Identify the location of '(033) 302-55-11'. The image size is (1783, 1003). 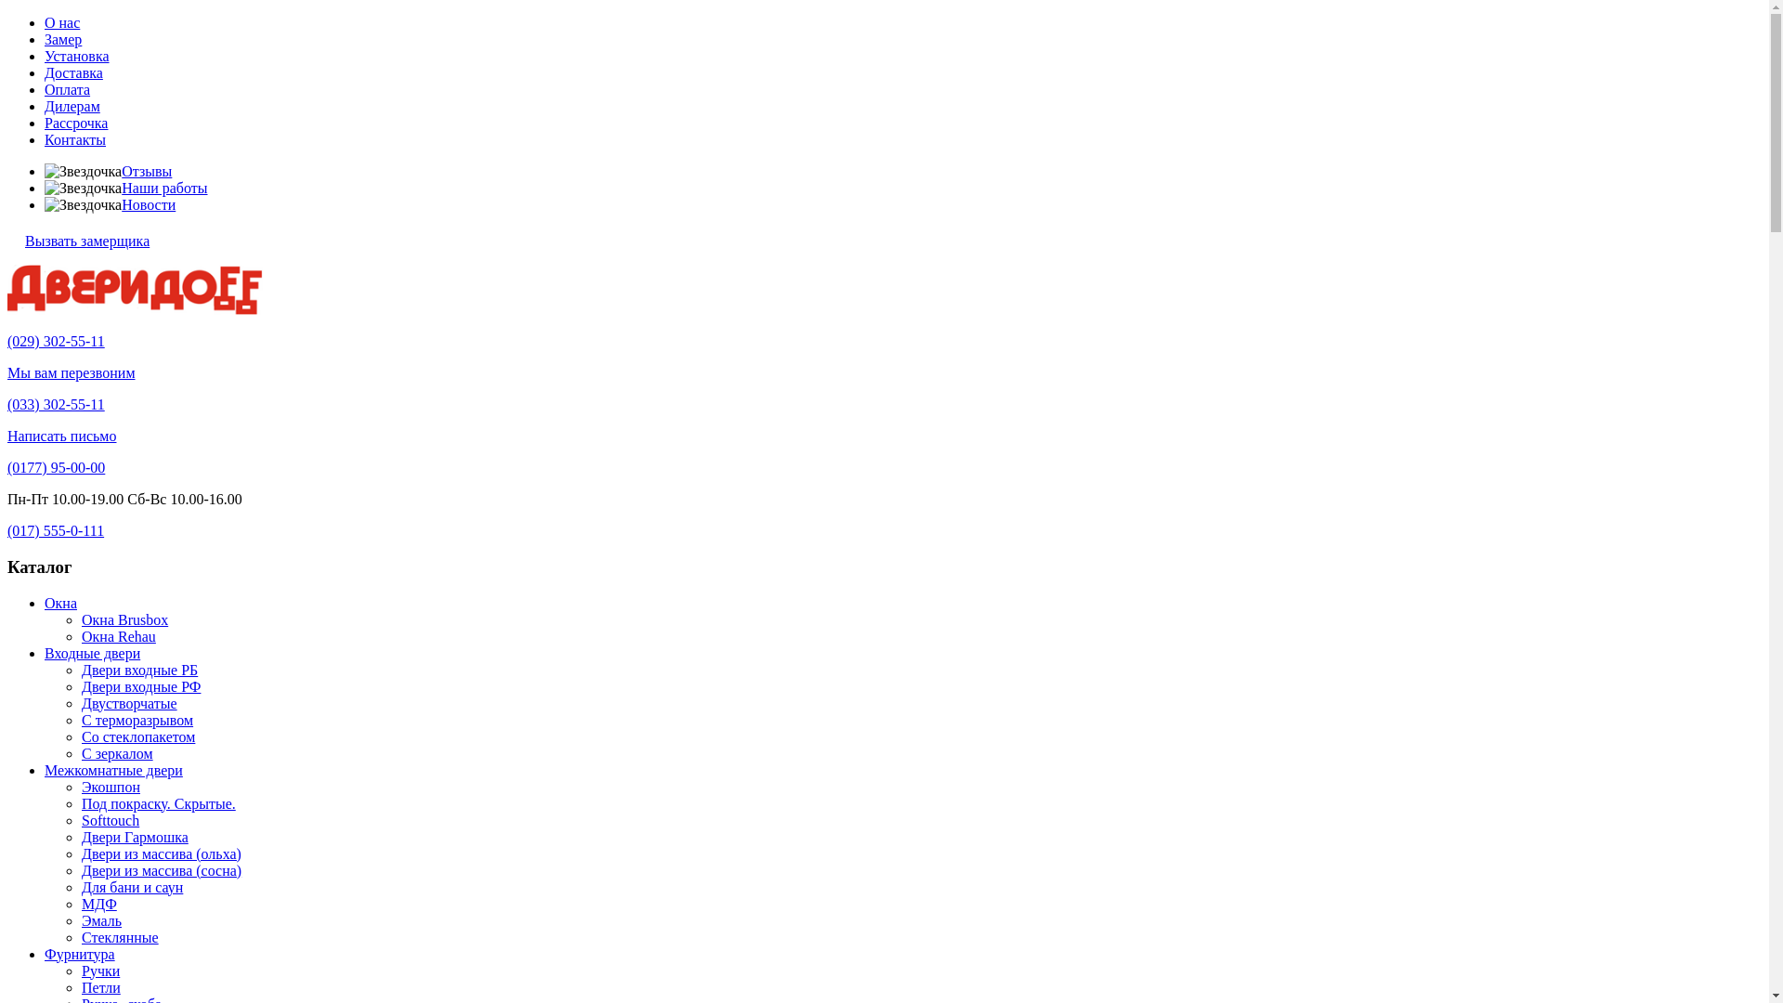
(56, 403).